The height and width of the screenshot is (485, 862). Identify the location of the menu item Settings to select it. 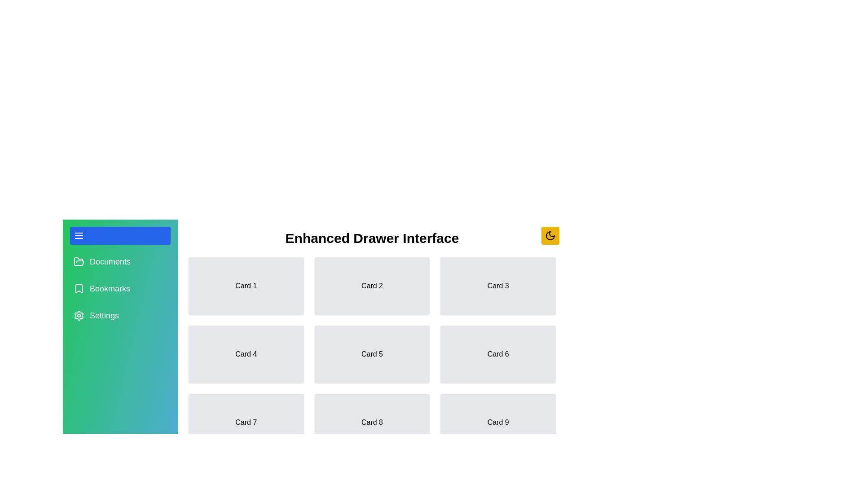
(120, 315).